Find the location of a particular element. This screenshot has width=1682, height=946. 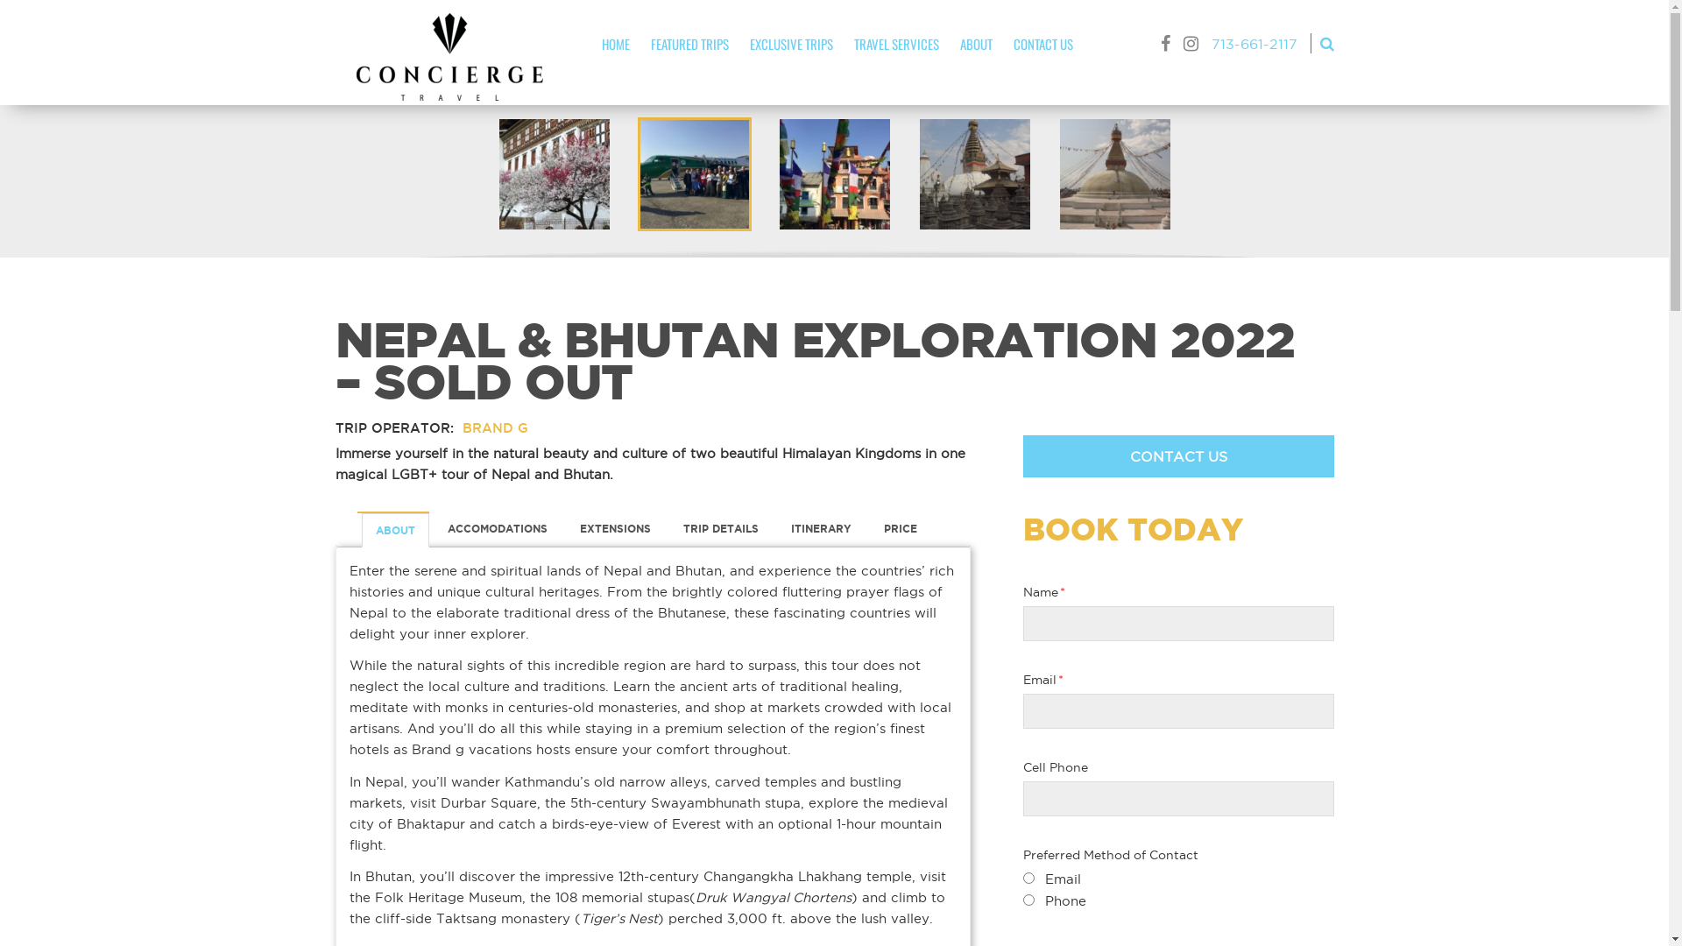

'EXTENSIONS' is located at coordinates (615, 527).